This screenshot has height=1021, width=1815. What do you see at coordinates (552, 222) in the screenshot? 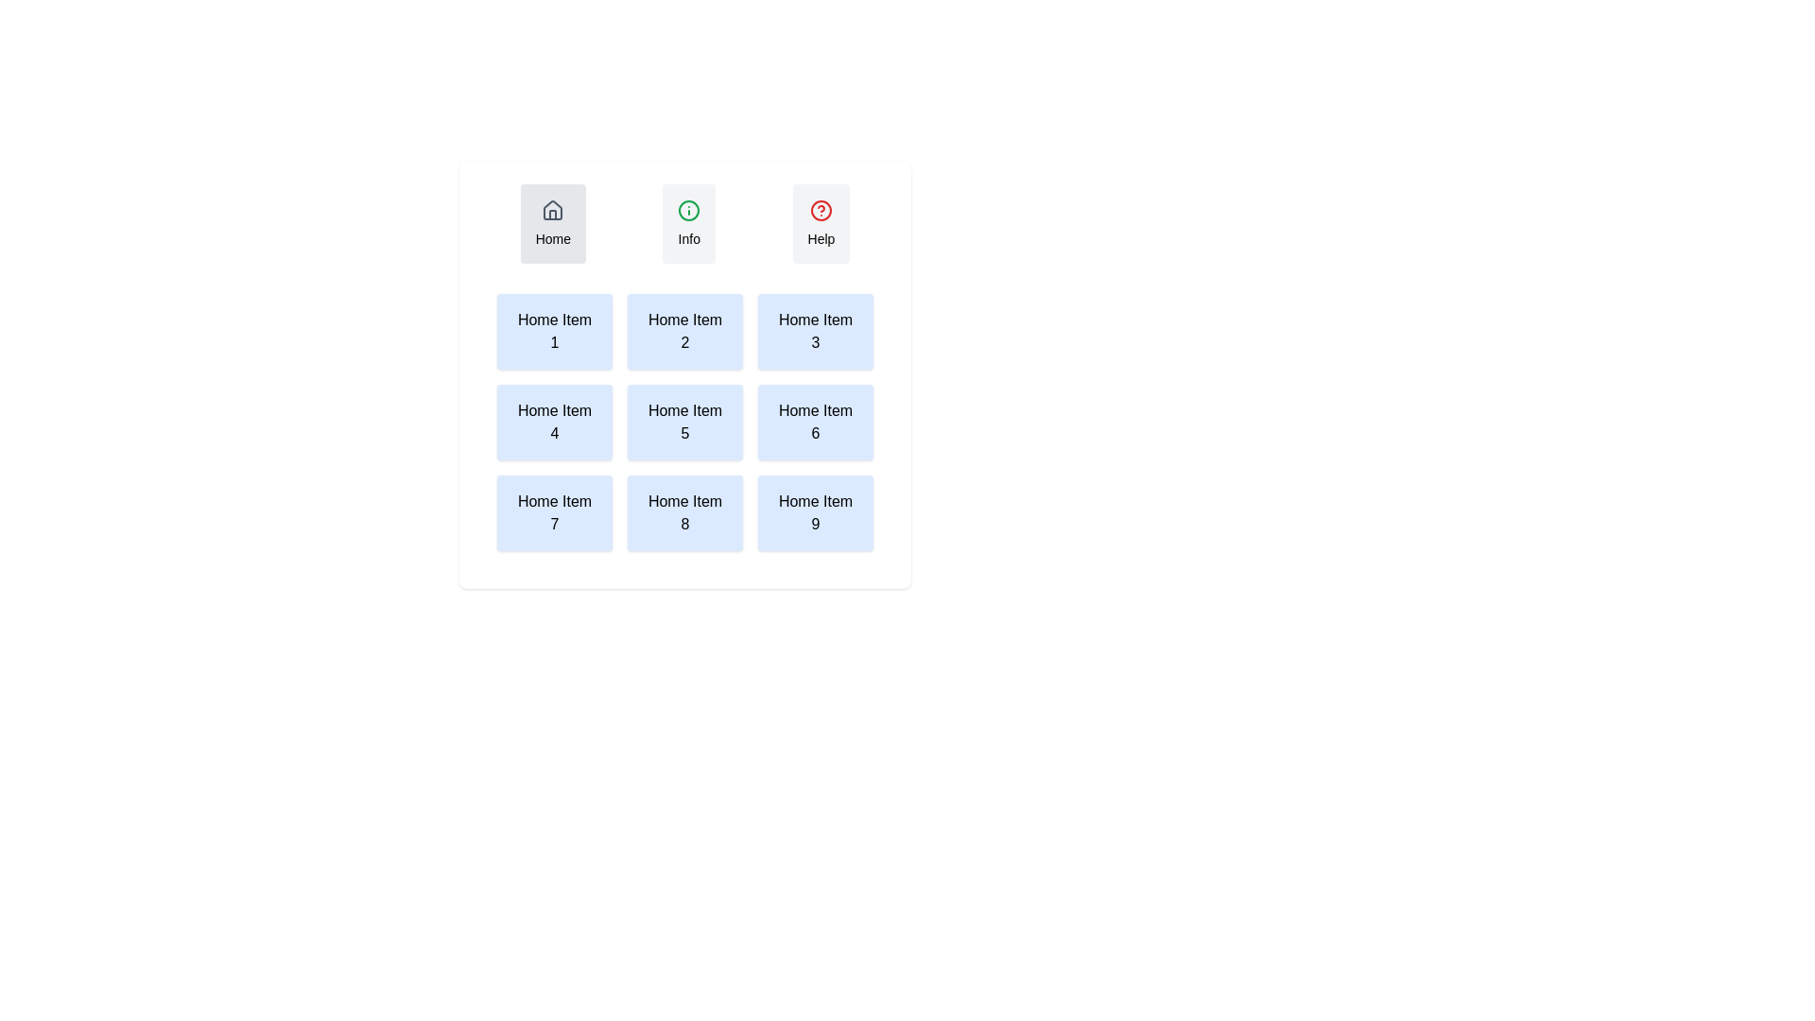
I see `the Home tab by clicking on its button` at bounding box center [552, 222].